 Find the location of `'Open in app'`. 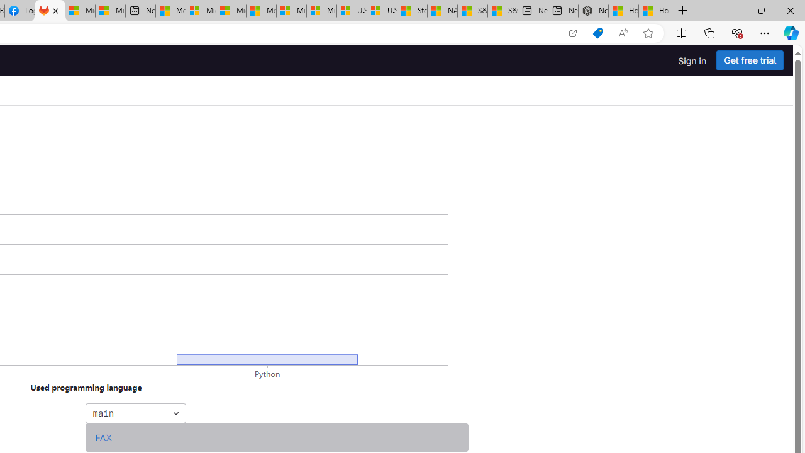

'Open in app' is located at coordinates (572, 33).